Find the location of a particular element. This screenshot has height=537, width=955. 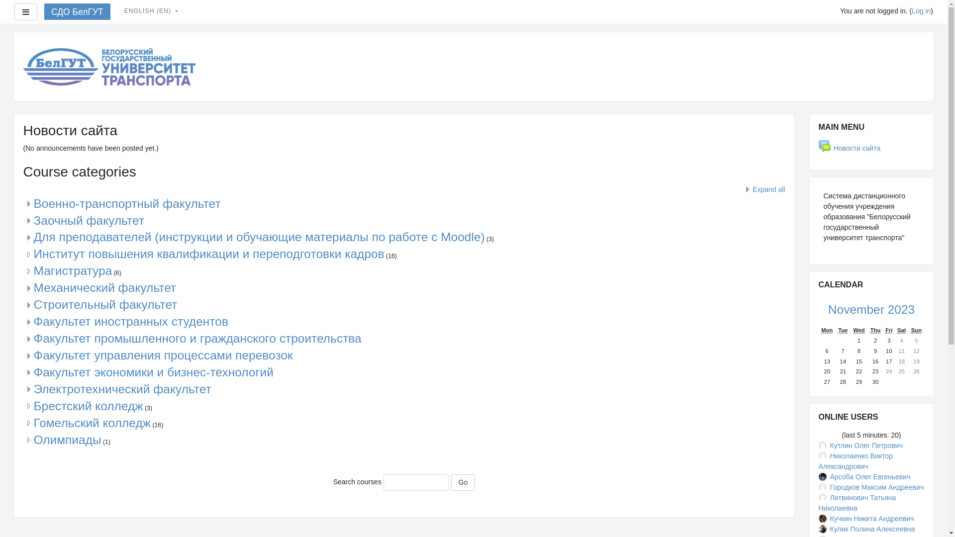

'Skip Calendar' is located at coordinates (809, 271).